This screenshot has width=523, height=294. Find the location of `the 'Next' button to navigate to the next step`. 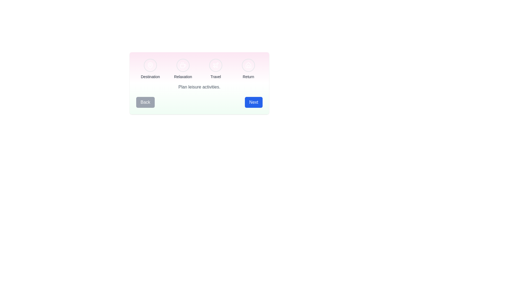

the 'Next' button to navigate to the next step is located at coordinates (253, 102).